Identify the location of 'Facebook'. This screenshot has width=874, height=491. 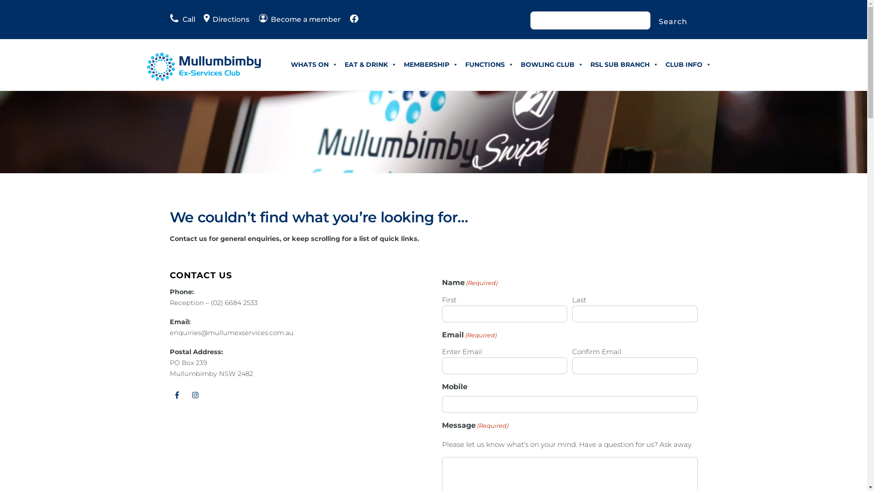
(169, 394).